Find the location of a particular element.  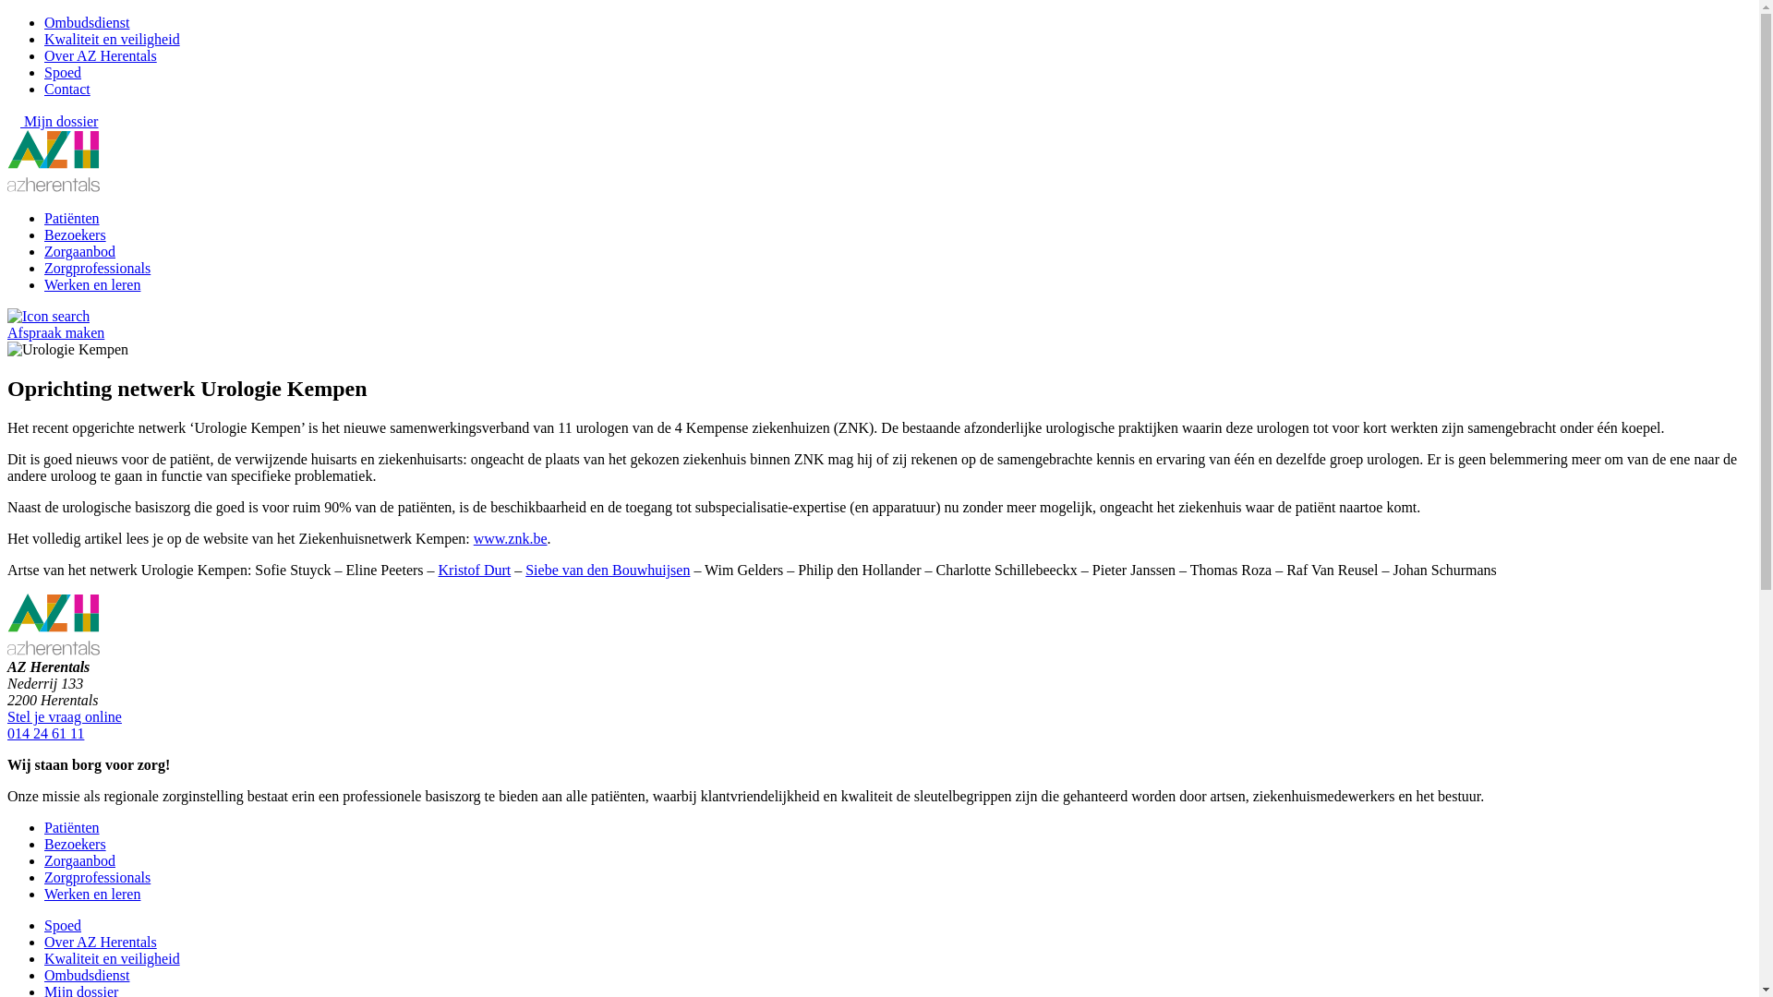

'Kwaliteit en veiligheid' is located at coordinates (44, 957).